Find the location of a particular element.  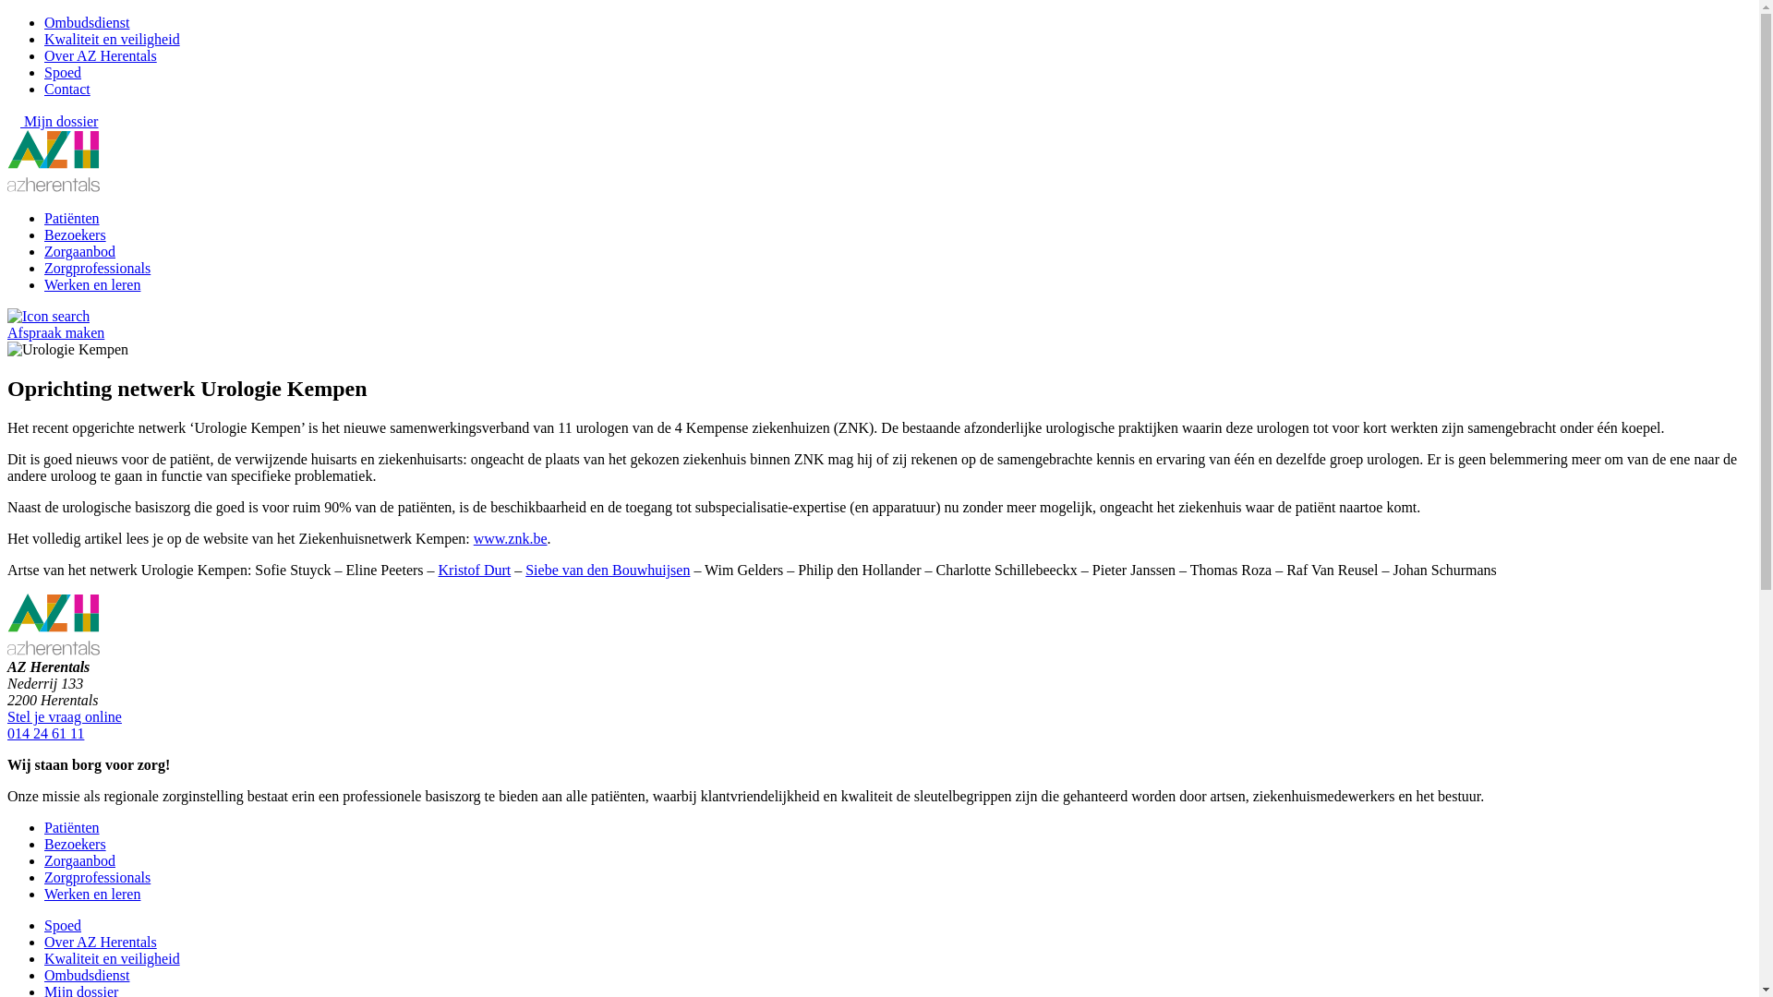

'Kwaliteit en veiligheid' is located at coordinates (44, 957).